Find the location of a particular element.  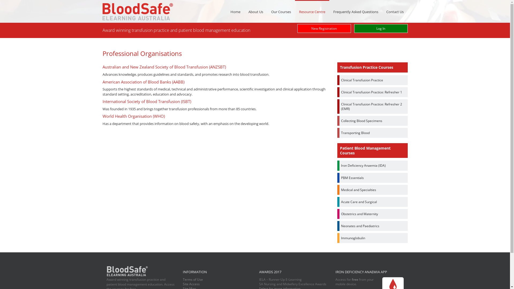

'New Registration' is located at coordinates (323, 28).